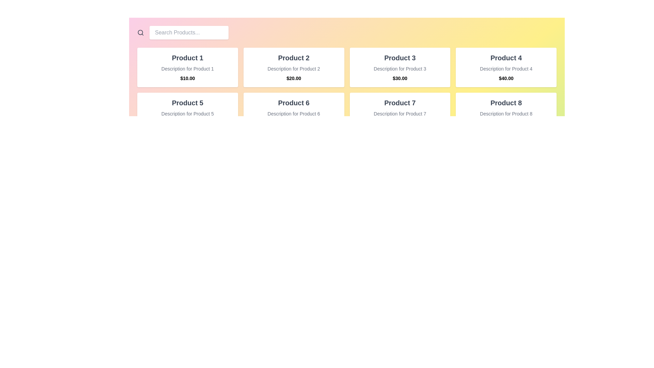 This screenshot has width=654, height=368. Describe the element at coordinates (506, 103) in the screenshot. I see `the text label that serves as the title for 'Product 8', which is located at the top of the product card in the second row and last column of the grid view` at that location.